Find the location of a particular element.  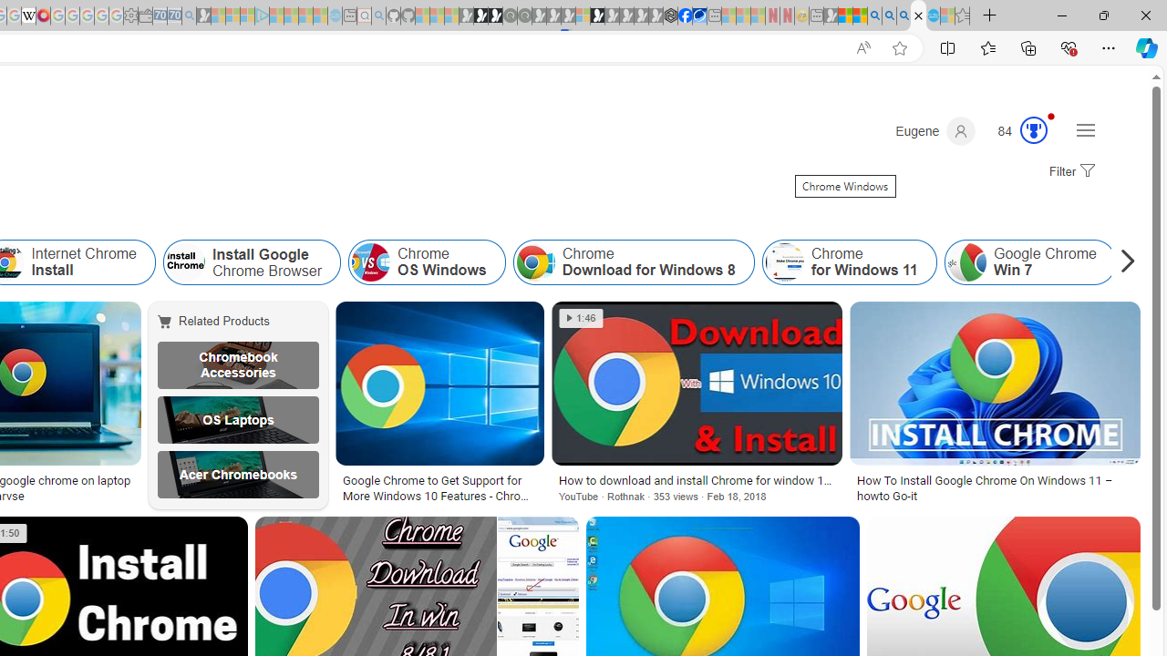

'Settings - Sleeping' is located at coordinates (129, 15).